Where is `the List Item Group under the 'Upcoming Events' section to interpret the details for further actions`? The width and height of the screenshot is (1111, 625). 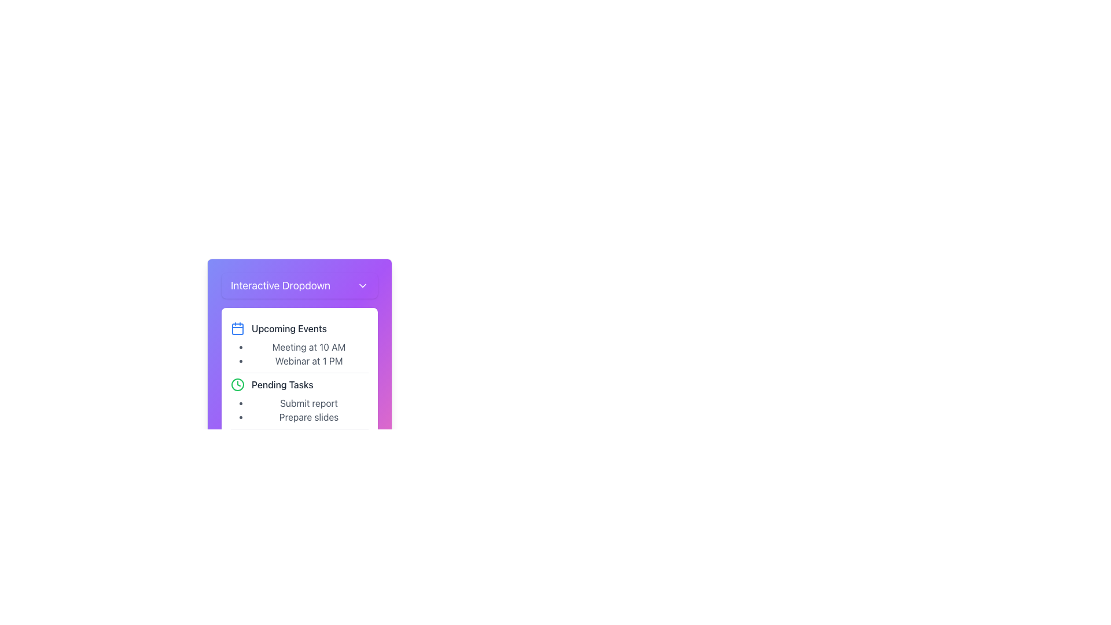
the List Item Group under the 'Upcoming Events' section to interpret the details for further actions is located at coordinates (308, 354).